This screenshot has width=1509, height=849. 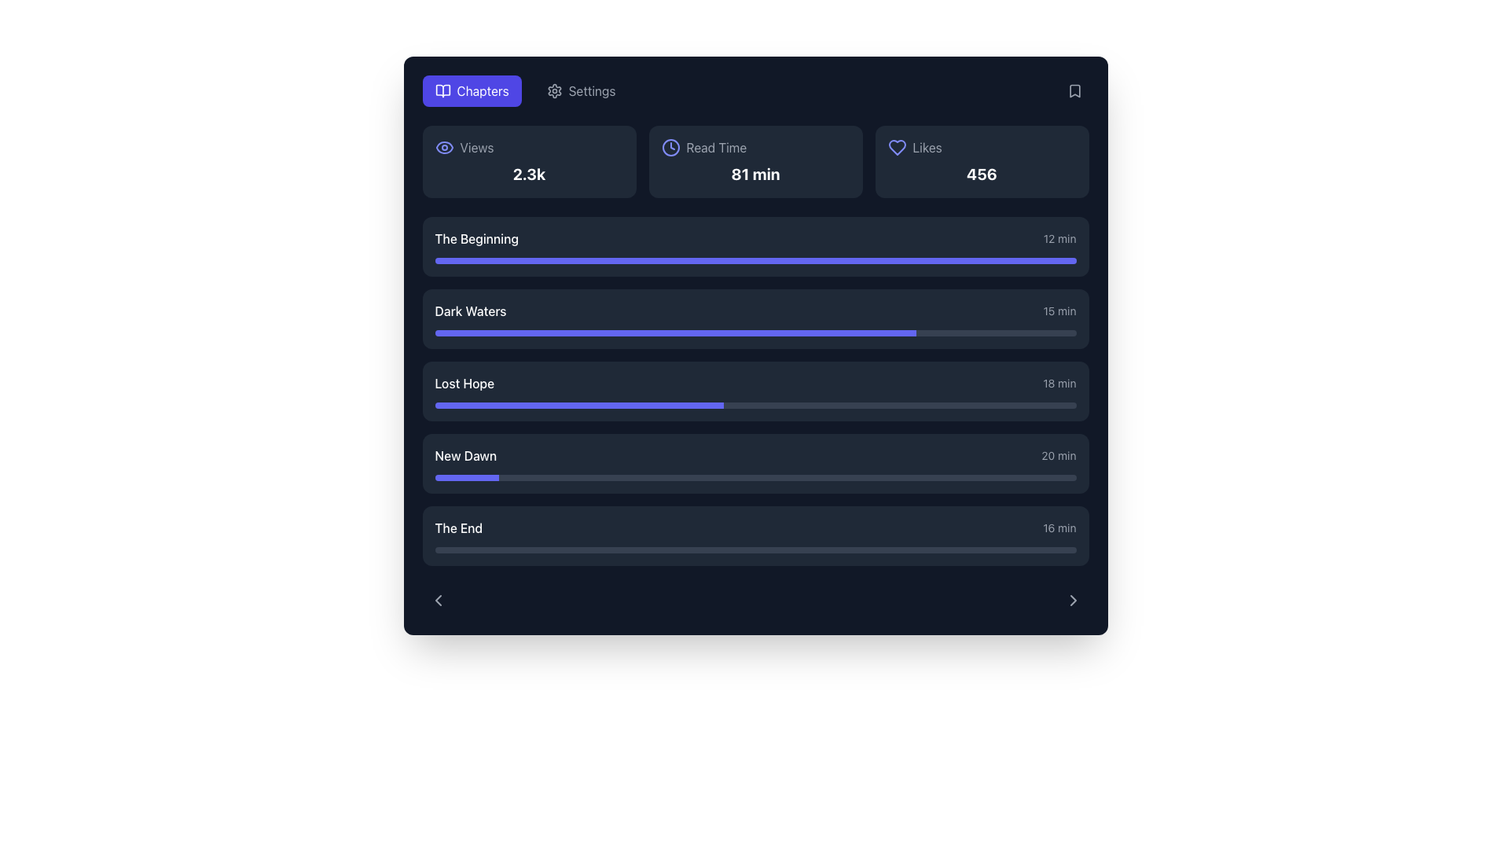 I want to click on the horizontally-oriented progress bar in the 'New Dawn' section, which has a gray background and a blue filled portion, located beneath the 'New Dawn 20 min' text, so click(x=755, y=477).